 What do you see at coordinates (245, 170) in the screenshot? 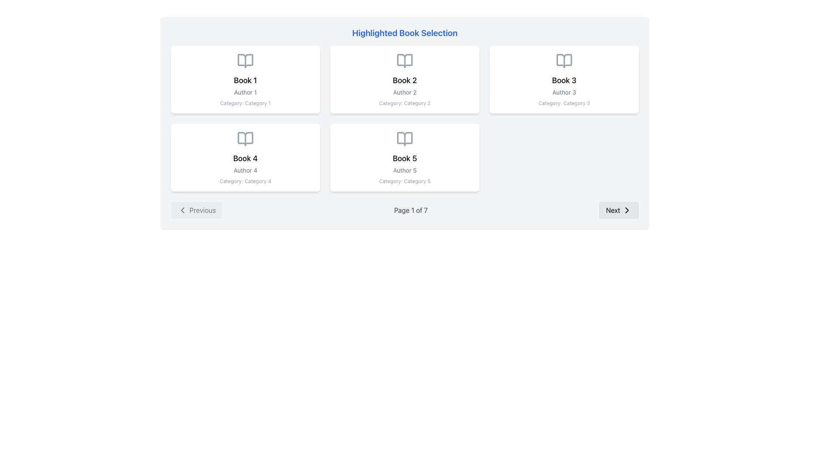
I see `the text label indicating the author of the associated book located on the third row, first column of the grid listing books, positioned below 'Book 4' and above 'Category: Category 4'` at bounding box center [245, 170].